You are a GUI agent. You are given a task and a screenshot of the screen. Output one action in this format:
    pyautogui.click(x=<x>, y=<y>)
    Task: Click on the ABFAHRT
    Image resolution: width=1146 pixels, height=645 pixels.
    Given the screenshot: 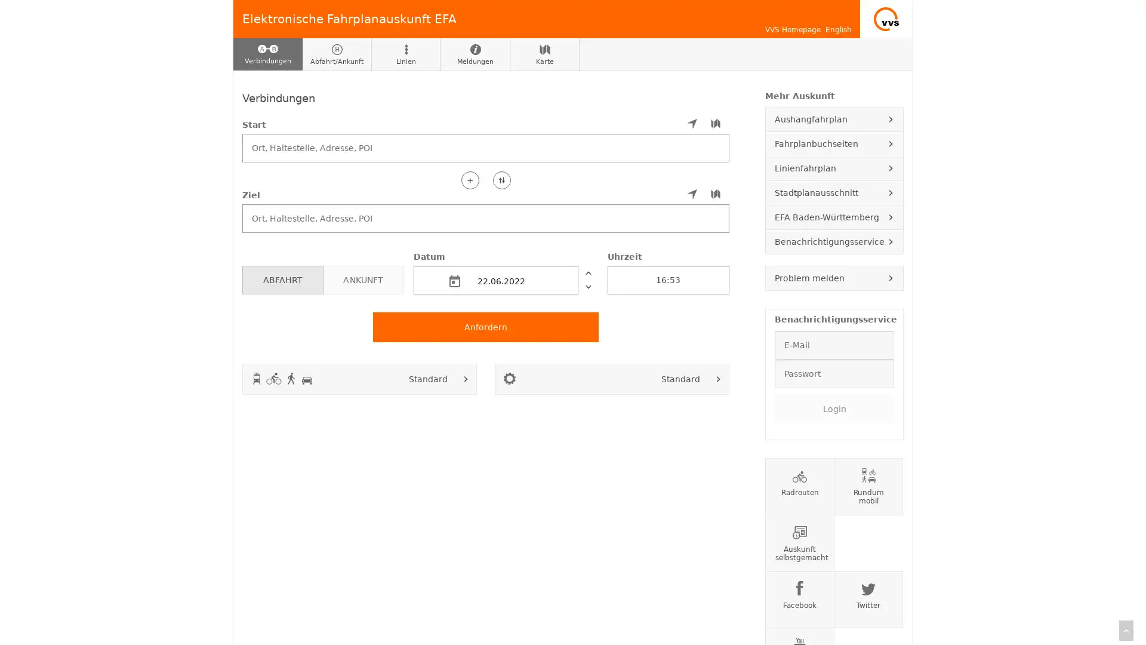 What is the action you would take?
    pyautogui.click(x=282, y=279)
    